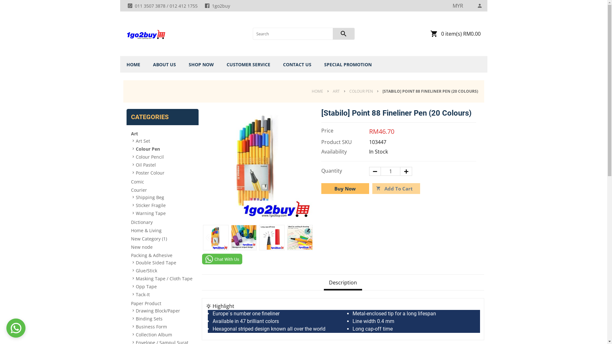 This screenshot has width=612, height=344. What do you see at coordinates (165, 270) in the screenshot?
I see `'Glue/Stick'` at bounding box center [165, 270].